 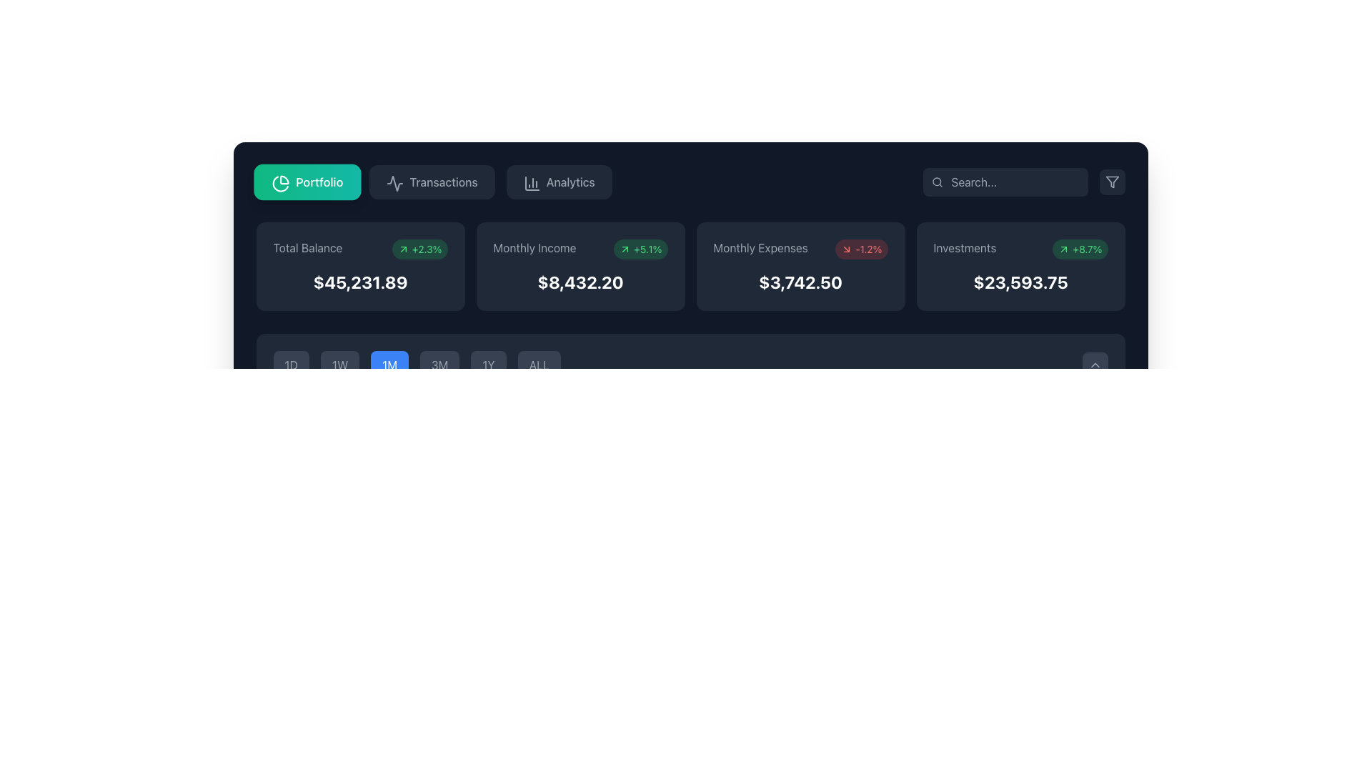 What do you see at coordinates (280, 183) in the screenshot?
I see `the Portfolio icon located in the left section of the top navigation bar` at bounding box center [280, 183].